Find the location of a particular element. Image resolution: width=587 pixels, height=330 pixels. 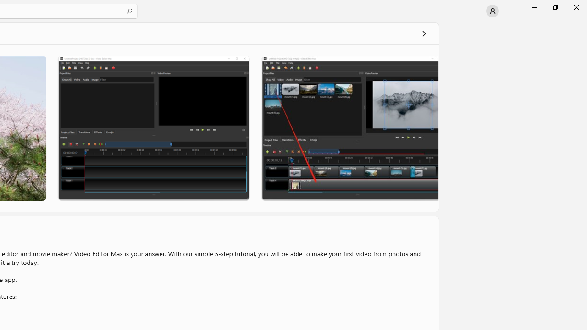

'Minimize Microsoft Store' is located at coordinates (534, 7).